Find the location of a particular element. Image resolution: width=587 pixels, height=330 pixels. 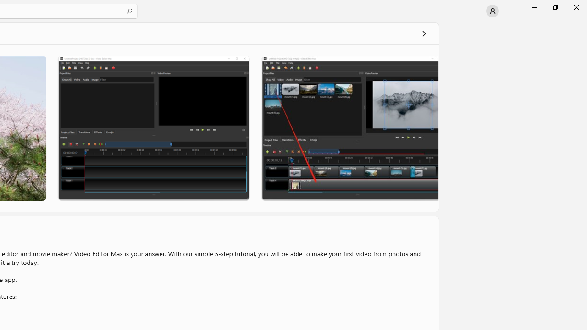

'Minimize Microsoft Store' is located at coordinates (534, 7).